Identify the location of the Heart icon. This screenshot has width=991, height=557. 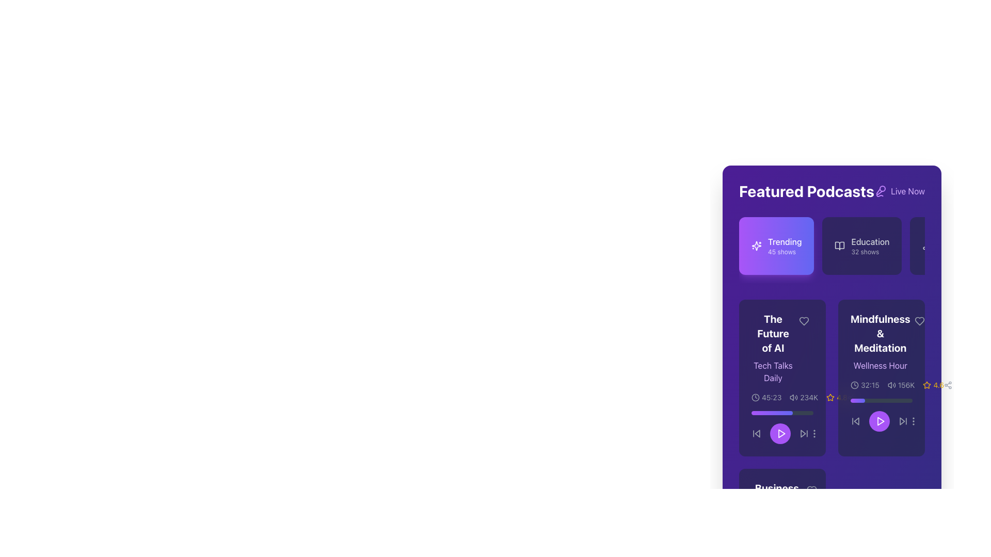
(804, 321).